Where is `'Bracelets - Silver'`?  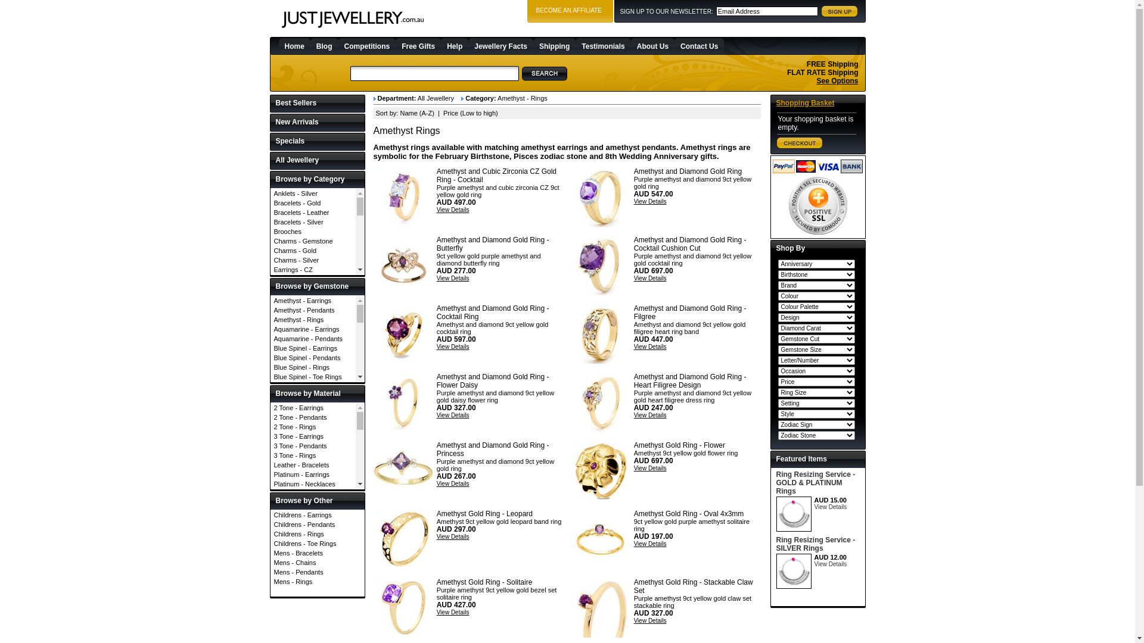
'Bracelets - Silver' is located at coordinates (313, 222).